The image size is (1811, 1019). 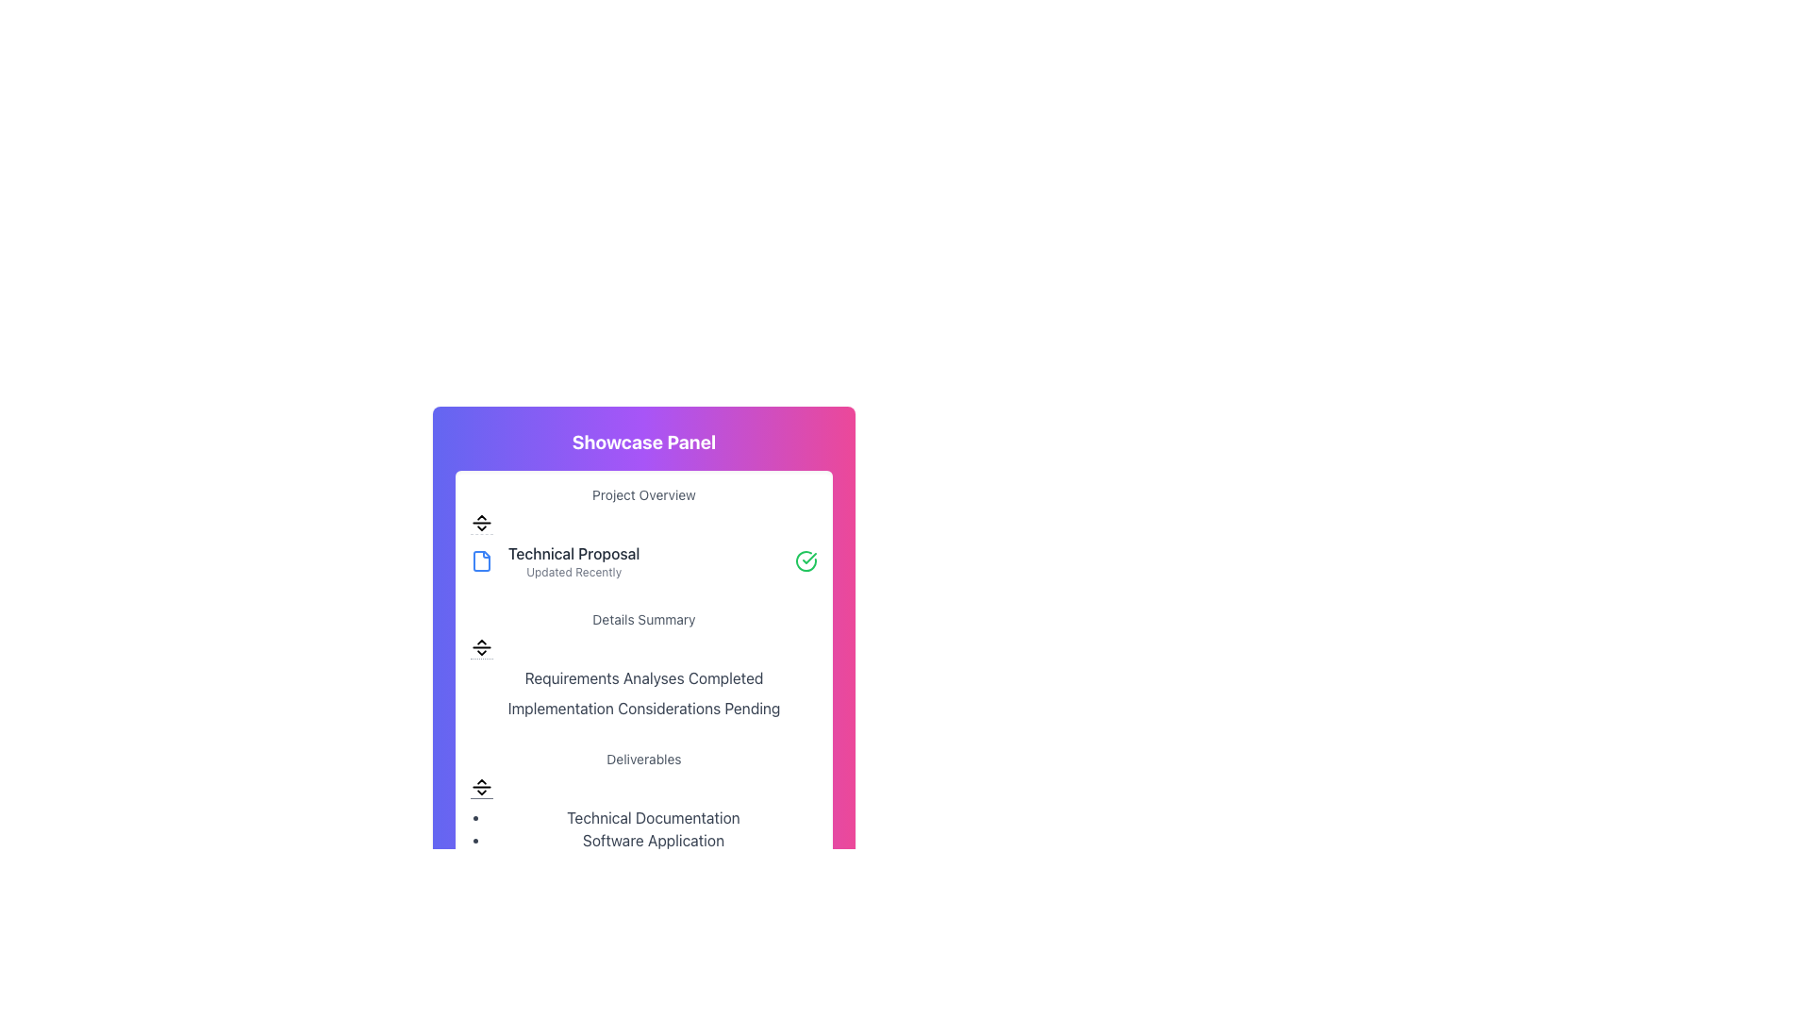 I want to click on the descriptive Text Label that serves as a header for the list of deliverables, which is centrally positioned above the items related to 'Technical Documentation', so click(x=643, y=759).